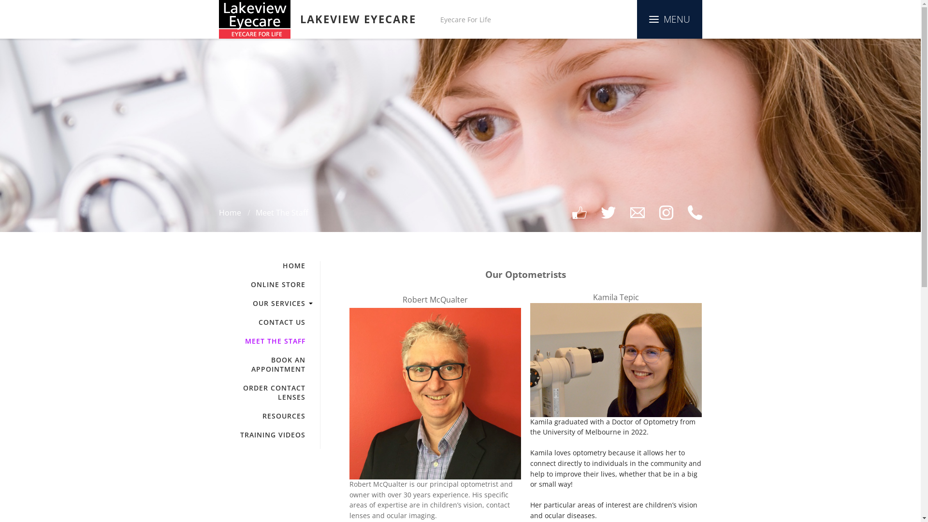 The image size is (928, 522). I want to click on 'Home', so click(229, 212).